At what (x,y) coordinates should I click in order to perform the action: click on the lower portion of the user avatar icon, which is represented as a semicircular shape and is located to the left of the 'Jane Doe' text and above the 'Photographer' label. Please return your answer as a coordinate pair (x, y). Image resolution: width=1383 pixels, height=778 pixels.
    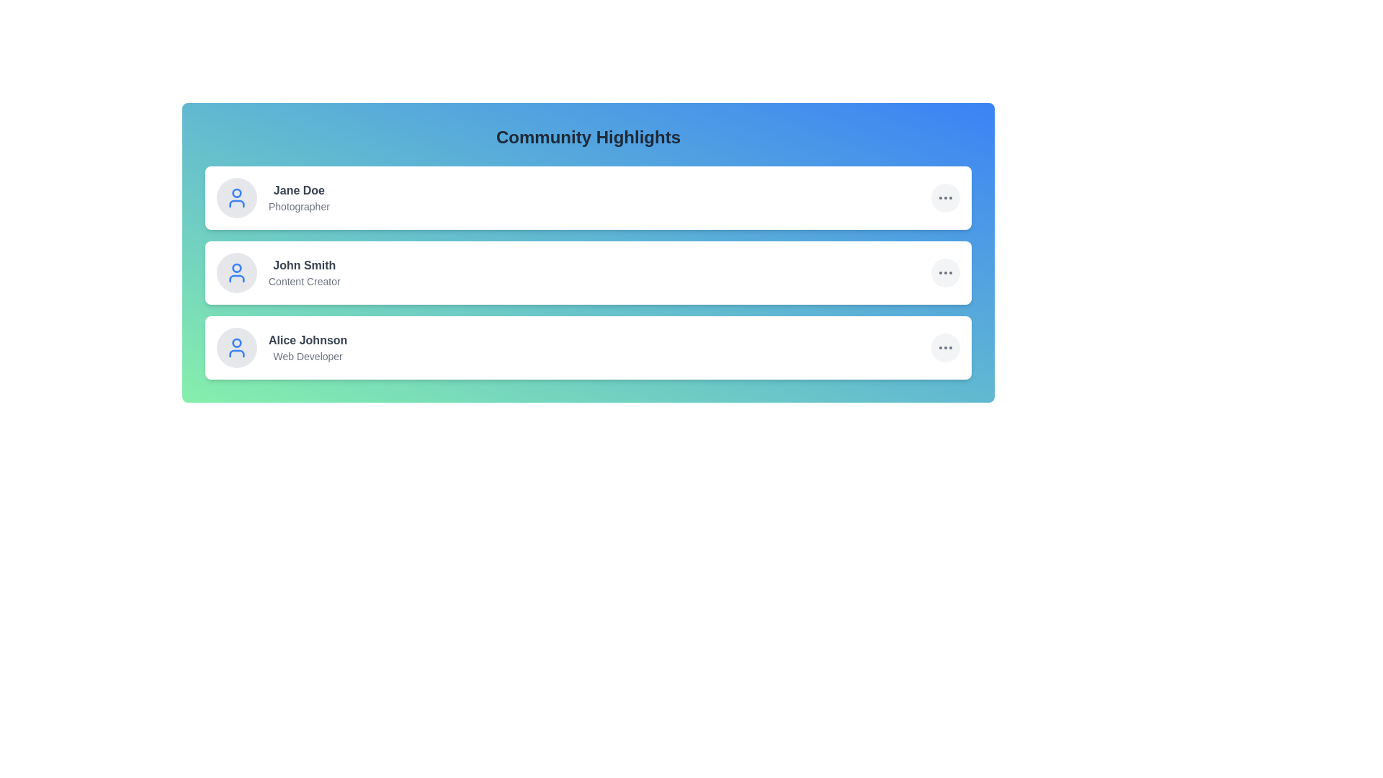
    Looking at the image, I should click on (237, 203).